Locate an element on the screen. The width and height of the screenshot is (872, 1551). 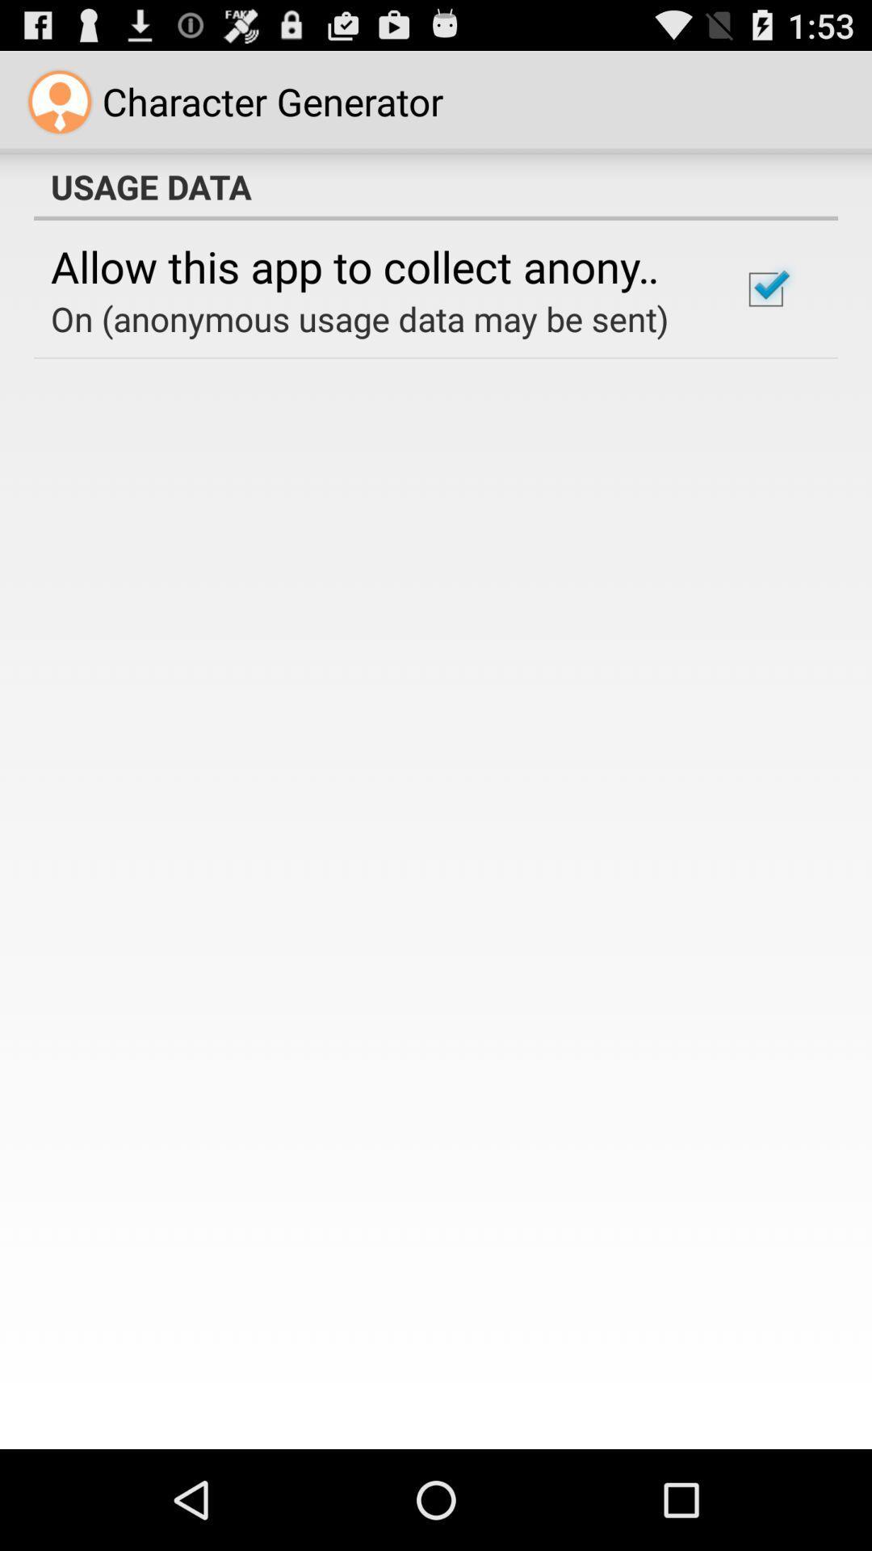
the app below usage data app is located at coordinates (374, 266).